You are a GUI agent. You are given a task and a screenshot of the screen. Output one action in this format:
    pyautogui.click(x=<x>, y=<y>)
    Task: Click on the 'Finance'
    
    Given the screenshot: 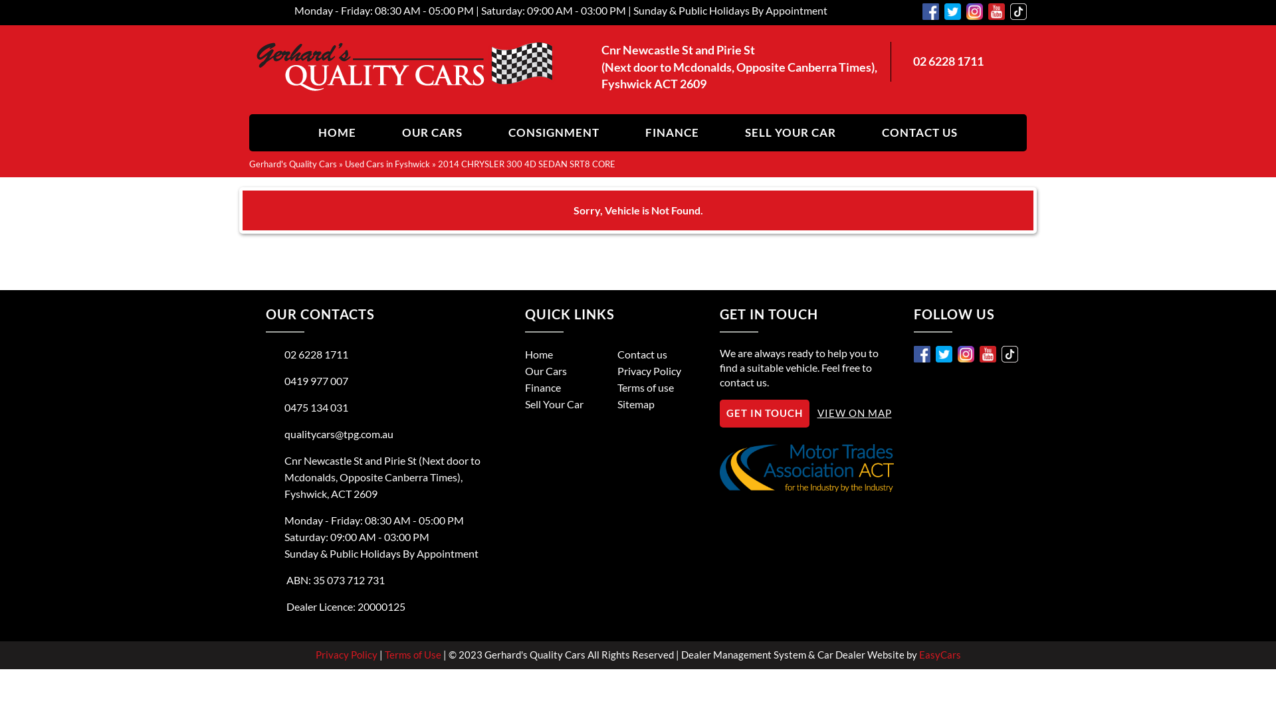 What is the action you would take?
    pyautogui.click(x=542, y=387)
    